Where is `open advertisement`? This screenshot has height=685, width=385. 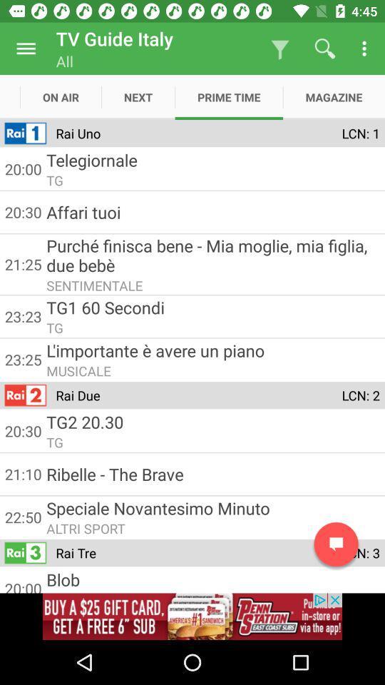 open advertisement is located at coordinates (192, 616).